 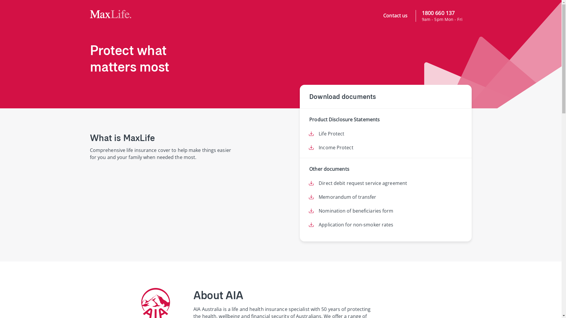 I want to click on 'Direct debit request service agreement', so click(x=362, y=183).